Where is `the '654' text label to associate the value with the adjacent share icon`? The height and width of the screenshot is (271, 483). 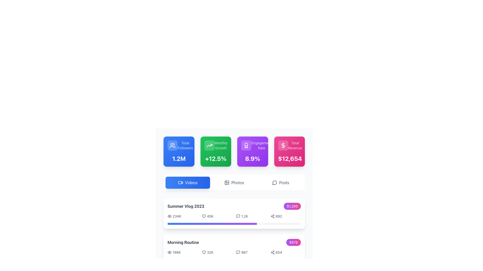 the '654' text label to associate the value with the adjacent share icon is located at coordinates (278, 252).